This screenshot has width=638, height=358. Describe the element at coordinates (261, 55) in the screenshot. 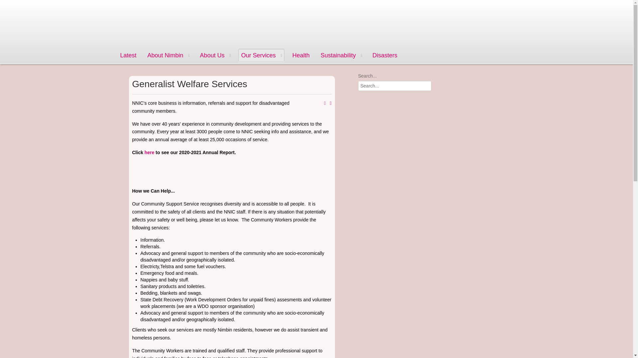

I see `'Our Services'` at that location.